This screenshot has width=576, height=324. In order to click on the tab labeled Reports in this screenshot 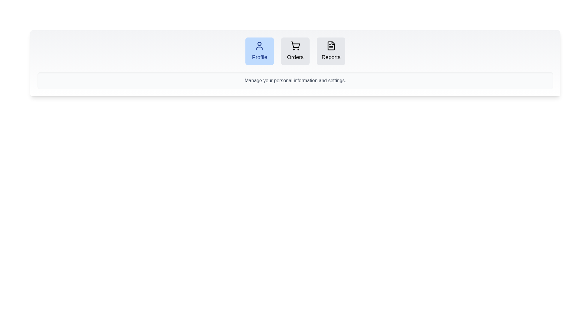, I will do `click(331, 51)`.